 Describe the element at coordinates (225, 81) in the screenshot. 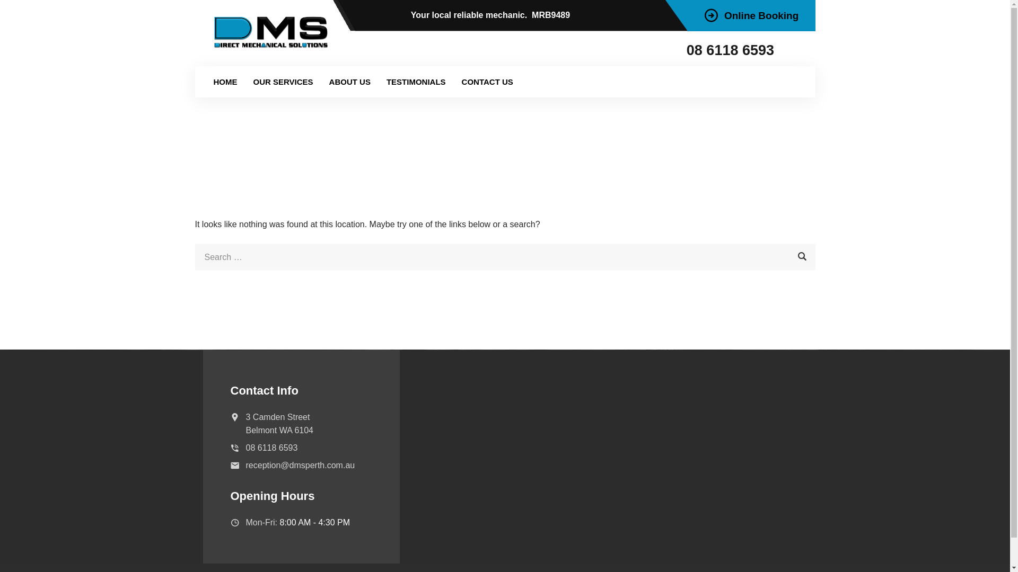

I see `'HOME'` at that location.